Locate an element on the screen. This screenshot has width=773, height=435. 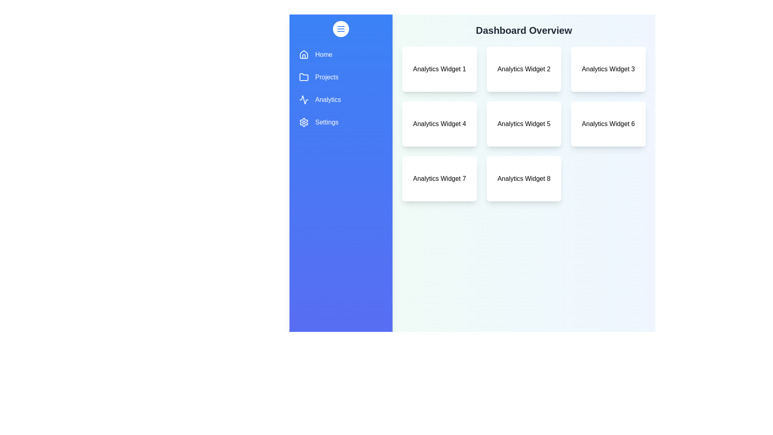
menu button to toggle the drawer's visibility is located at coordinates (341, 29).